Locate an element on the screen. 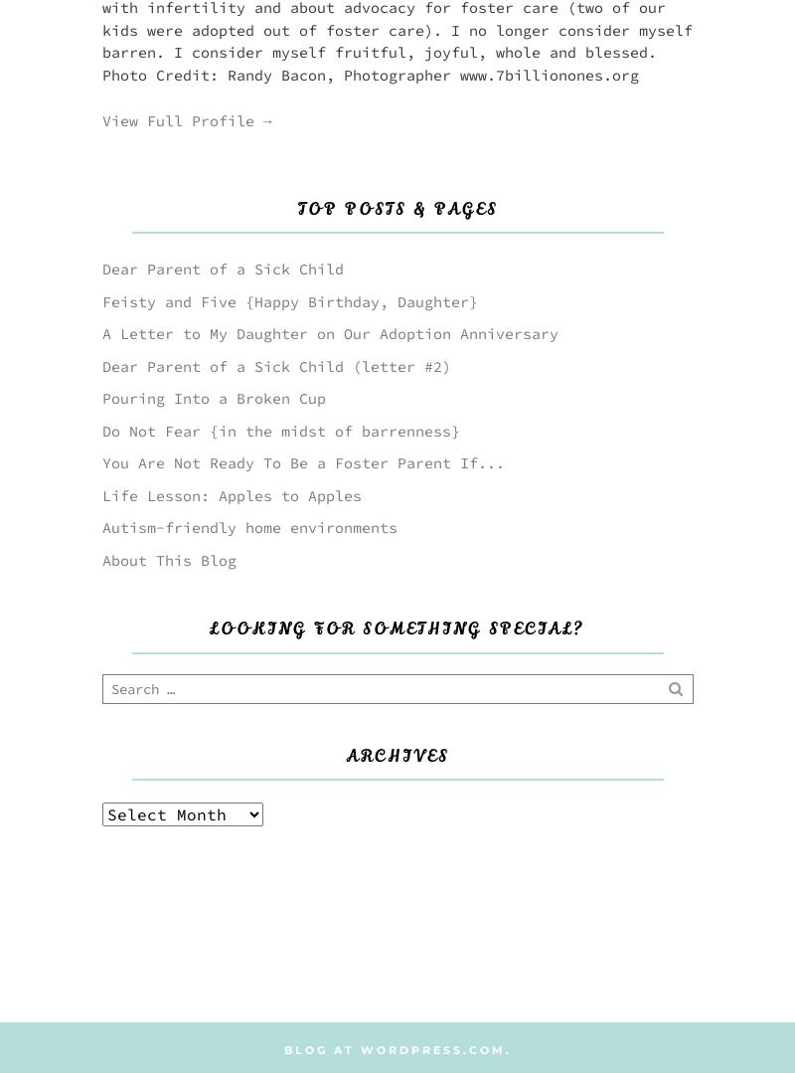 This screenshot has height=1073, width=795. 'Looking for something special?' is located at coordinates (397, 627).